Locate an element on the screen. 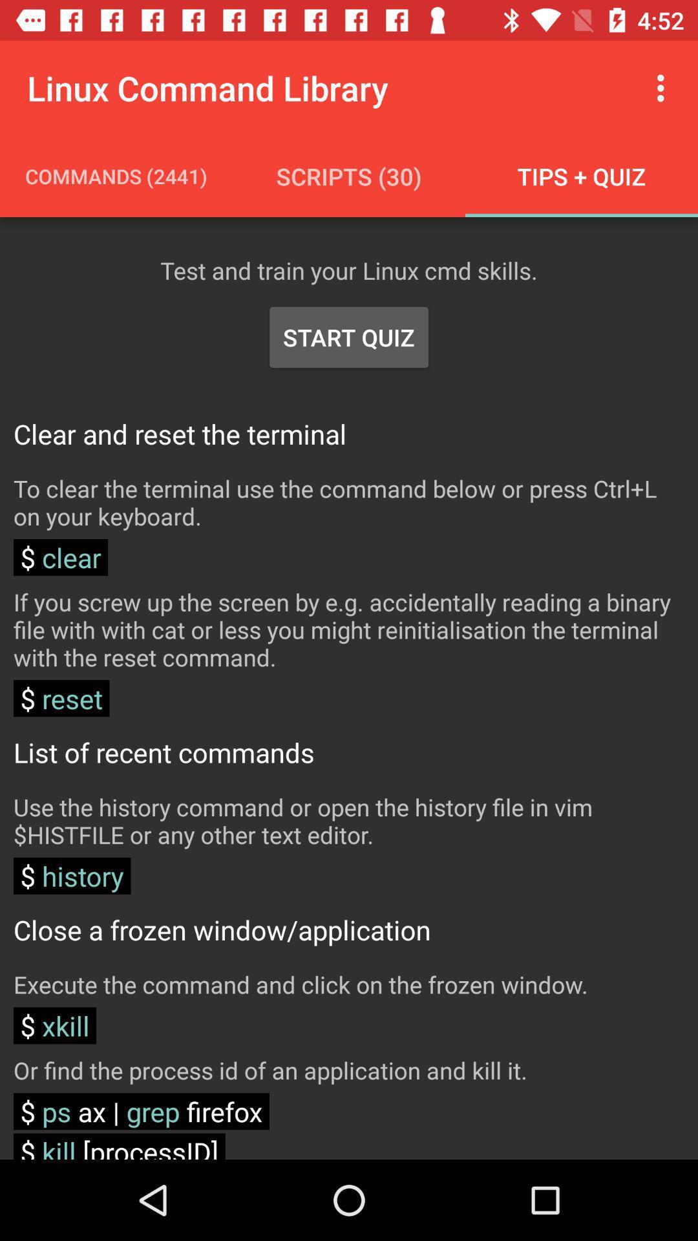 The image size is (698, 1241). icon above tips + quiz is located at coordinates (664, 87).